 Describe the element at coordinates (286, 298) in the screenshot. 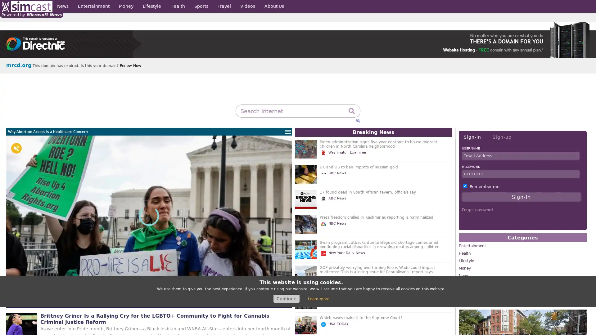

I see `Continue` at that location.